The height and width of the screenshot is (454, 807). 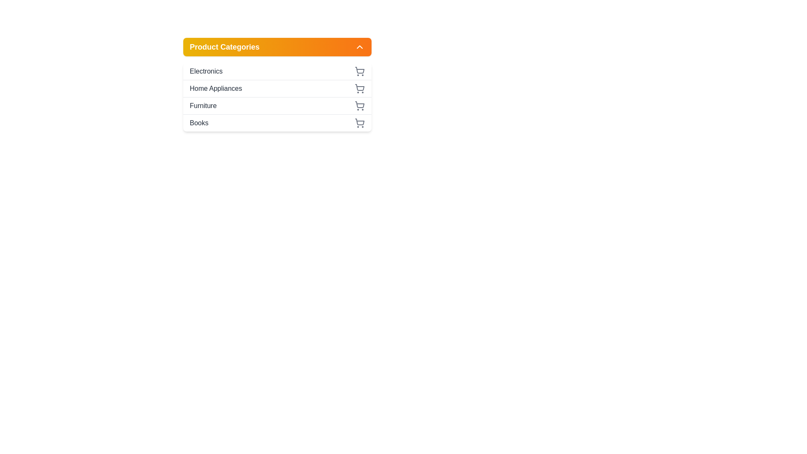 What do you see at coordinates (277, 105) in the screenshot?
I see `the 'Furniture' category list item in the shopping categories` at bounding box center [277, 105].